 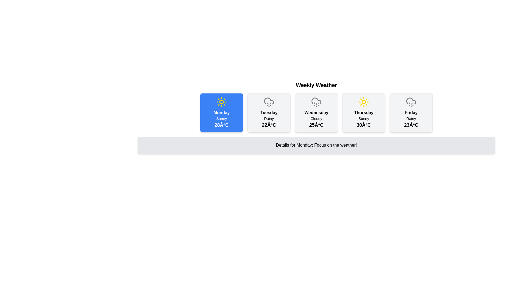 I want to click on the static text label displaying the temperature forecast for 'Wednesday', located at the bottom center of the weather card below the text 'Cloudy', so click(x=316, y=125).